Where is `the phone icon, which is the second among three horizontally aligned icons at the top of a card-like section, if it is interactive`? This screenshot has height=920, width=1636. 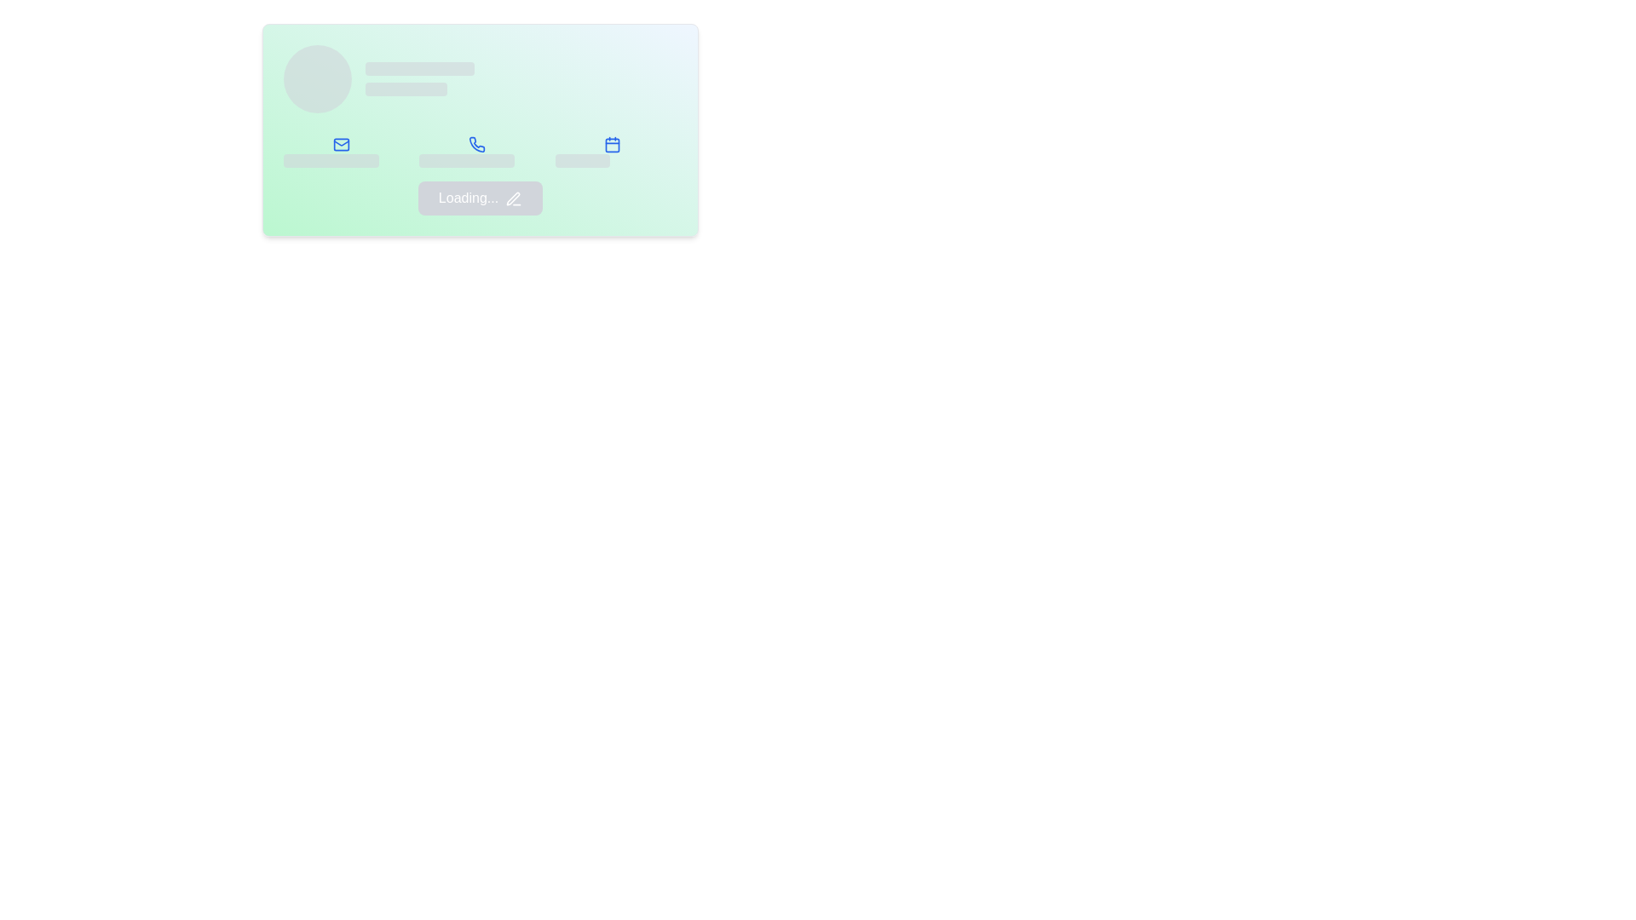 the phone icon, which is the second among three horizontally aligned icons at the top of a card-like section, if it is interactive is located at coordinates (477, 143).